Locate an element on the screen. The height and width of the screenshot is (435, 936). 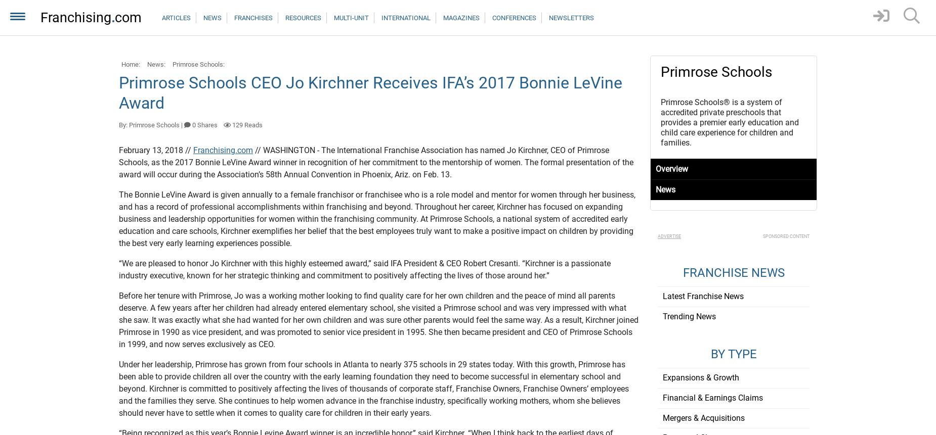
'The Bonnie LeVine Award is given annually to a female franchisor or franchisee who is a role model and mentor for women through her business, and has a record of professional accomplishments within franchising and beyond. Throughout her career, Kirchner has focused on expanding business and leadership opportunities for women within the franchising community. At Primrose Schools, a national system of accredited early education and care schools, Kirchner exemplifies her belief that the best employees truly want to make a positive impact on children by providing the best very early learning experiences possible.' is located at coordinates (377, 218).